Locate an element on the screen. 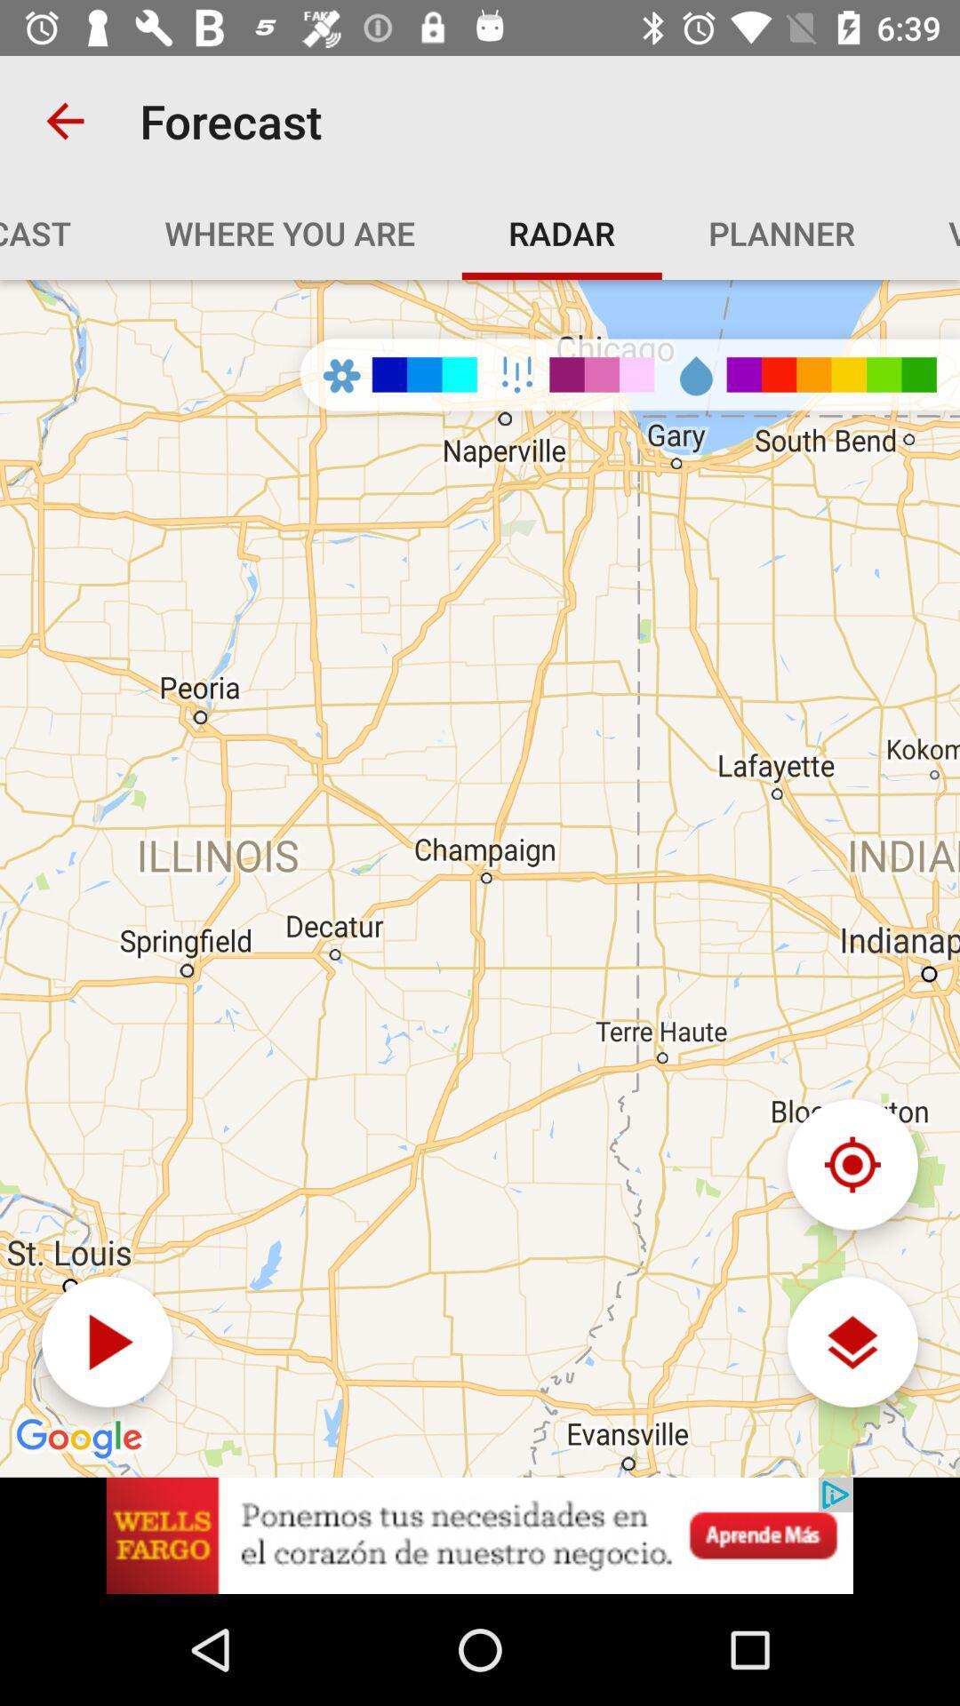  show location is located at coordinates (852, 1164).